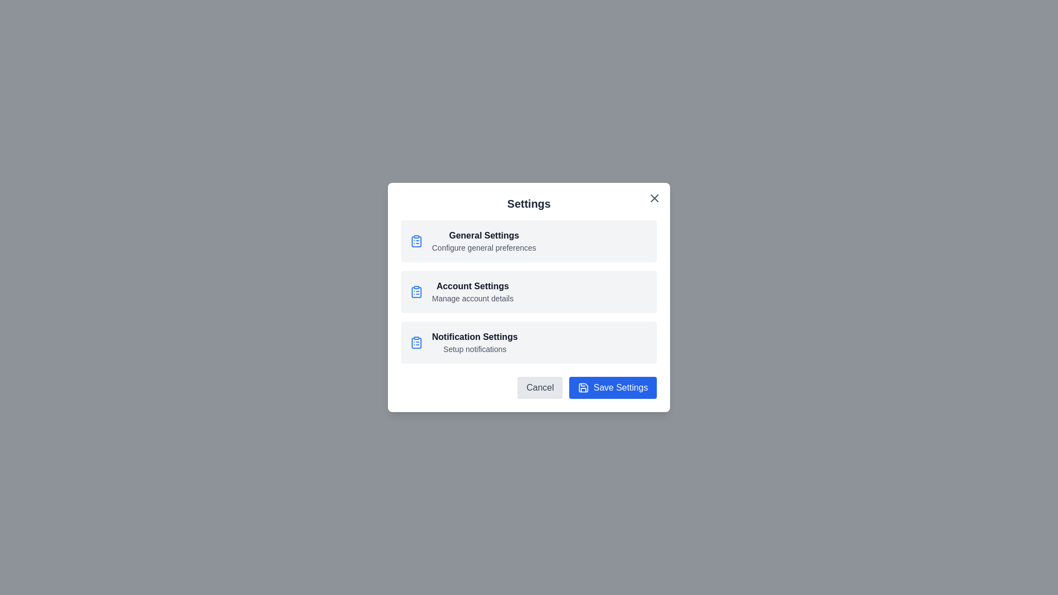 This screenshot has height=595, width=1058. I want to click on the Text Block that provides information about the 'General Settings' section, which is the first item in a vertically stacked list within the settings modal, so click(484, 241).